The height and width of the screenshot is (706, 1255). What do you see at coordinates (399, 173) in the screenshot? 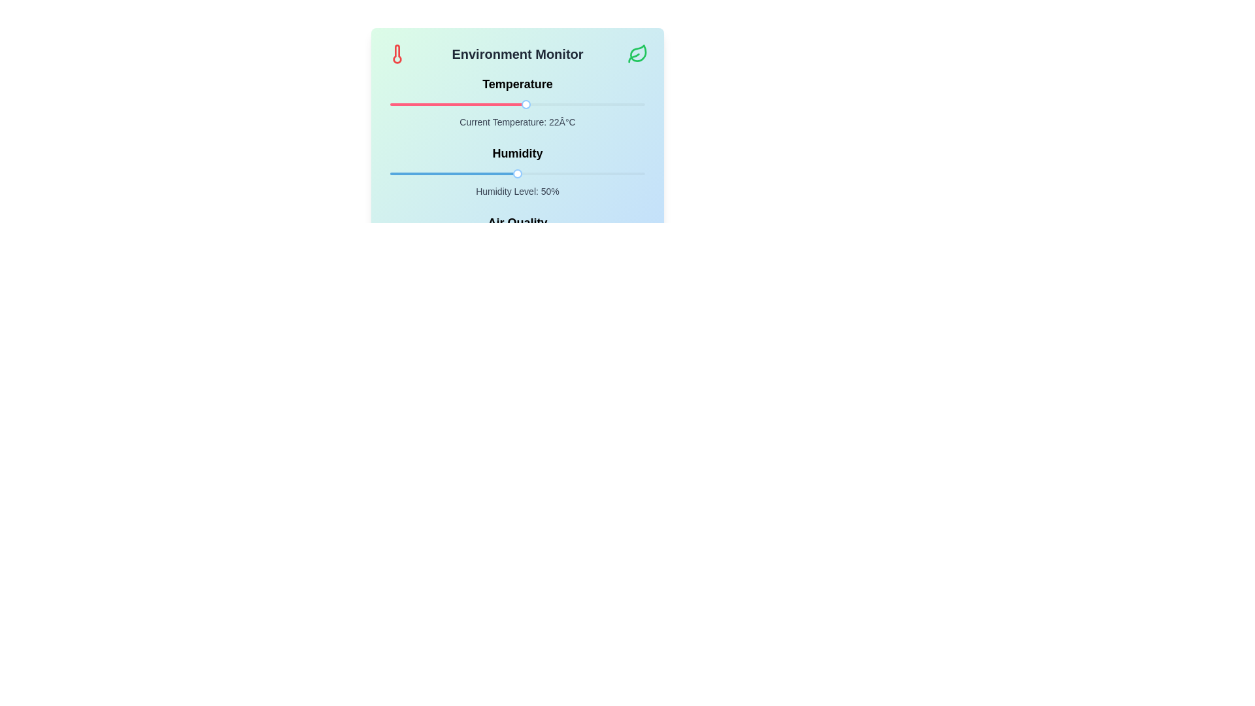
I see `the humidity` at bounding box center [399, 173].